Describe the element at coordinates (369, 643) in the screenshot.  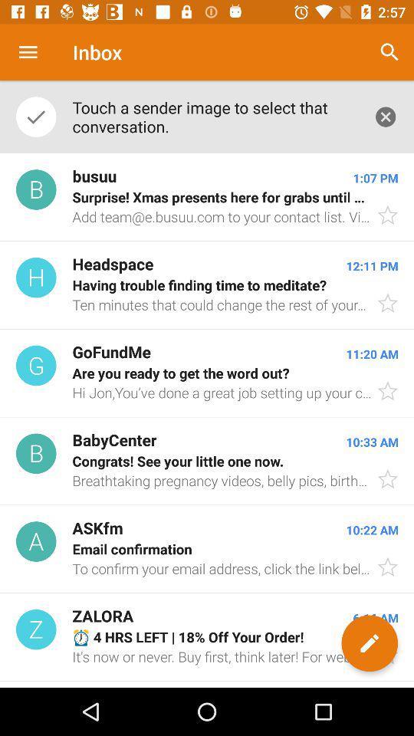
I see `the edit icon` at that location.